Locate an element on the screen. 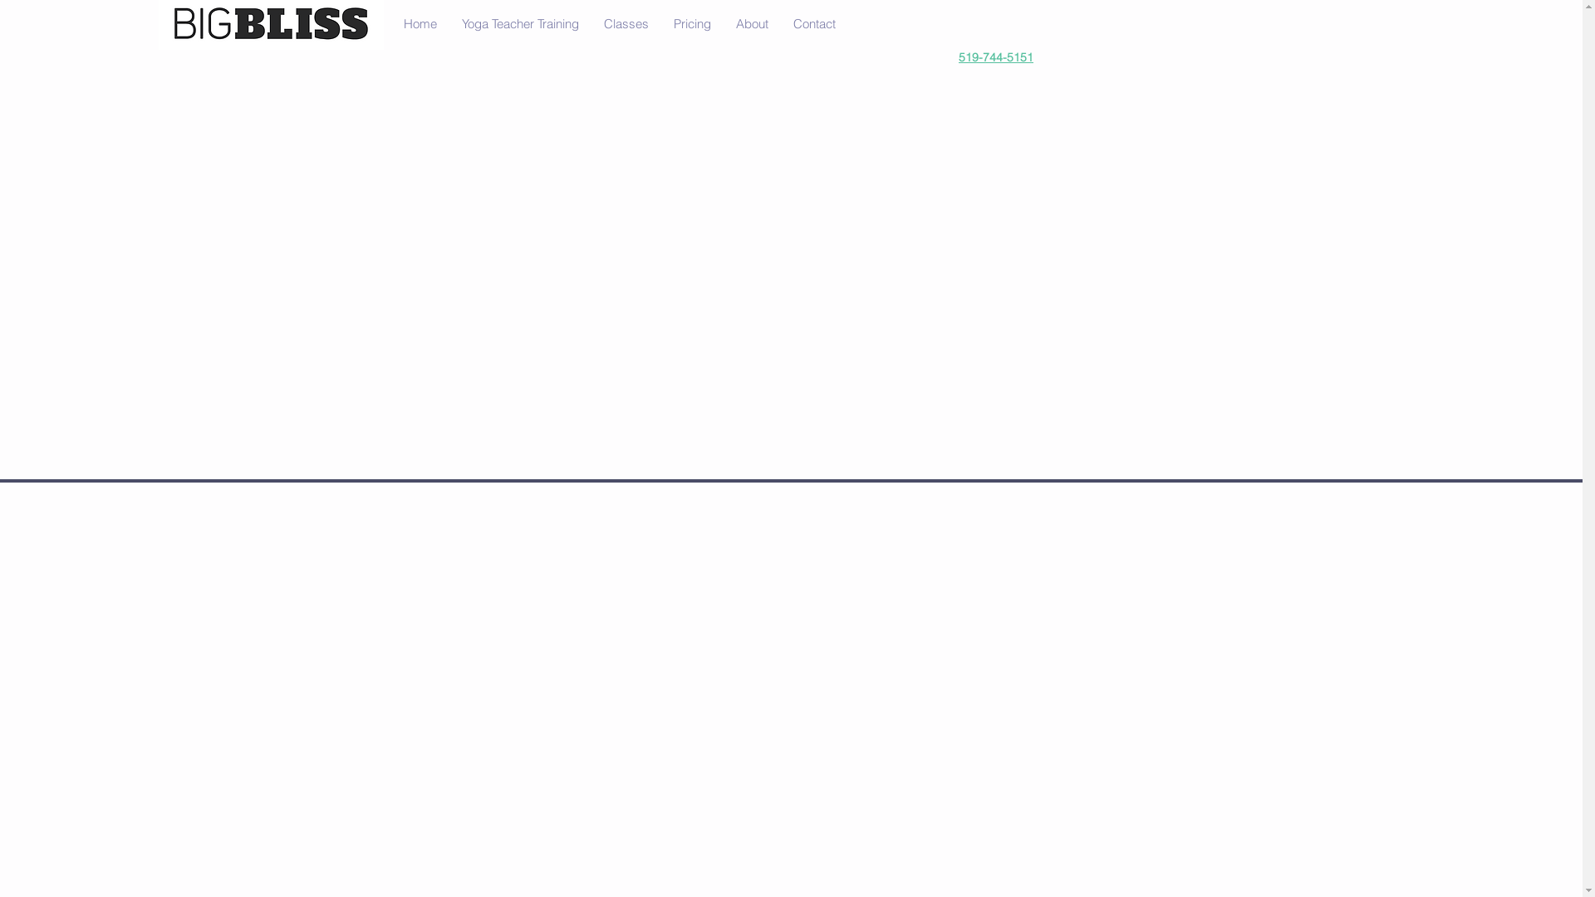  '519-744-5151' is located at coordinates (996, 56).